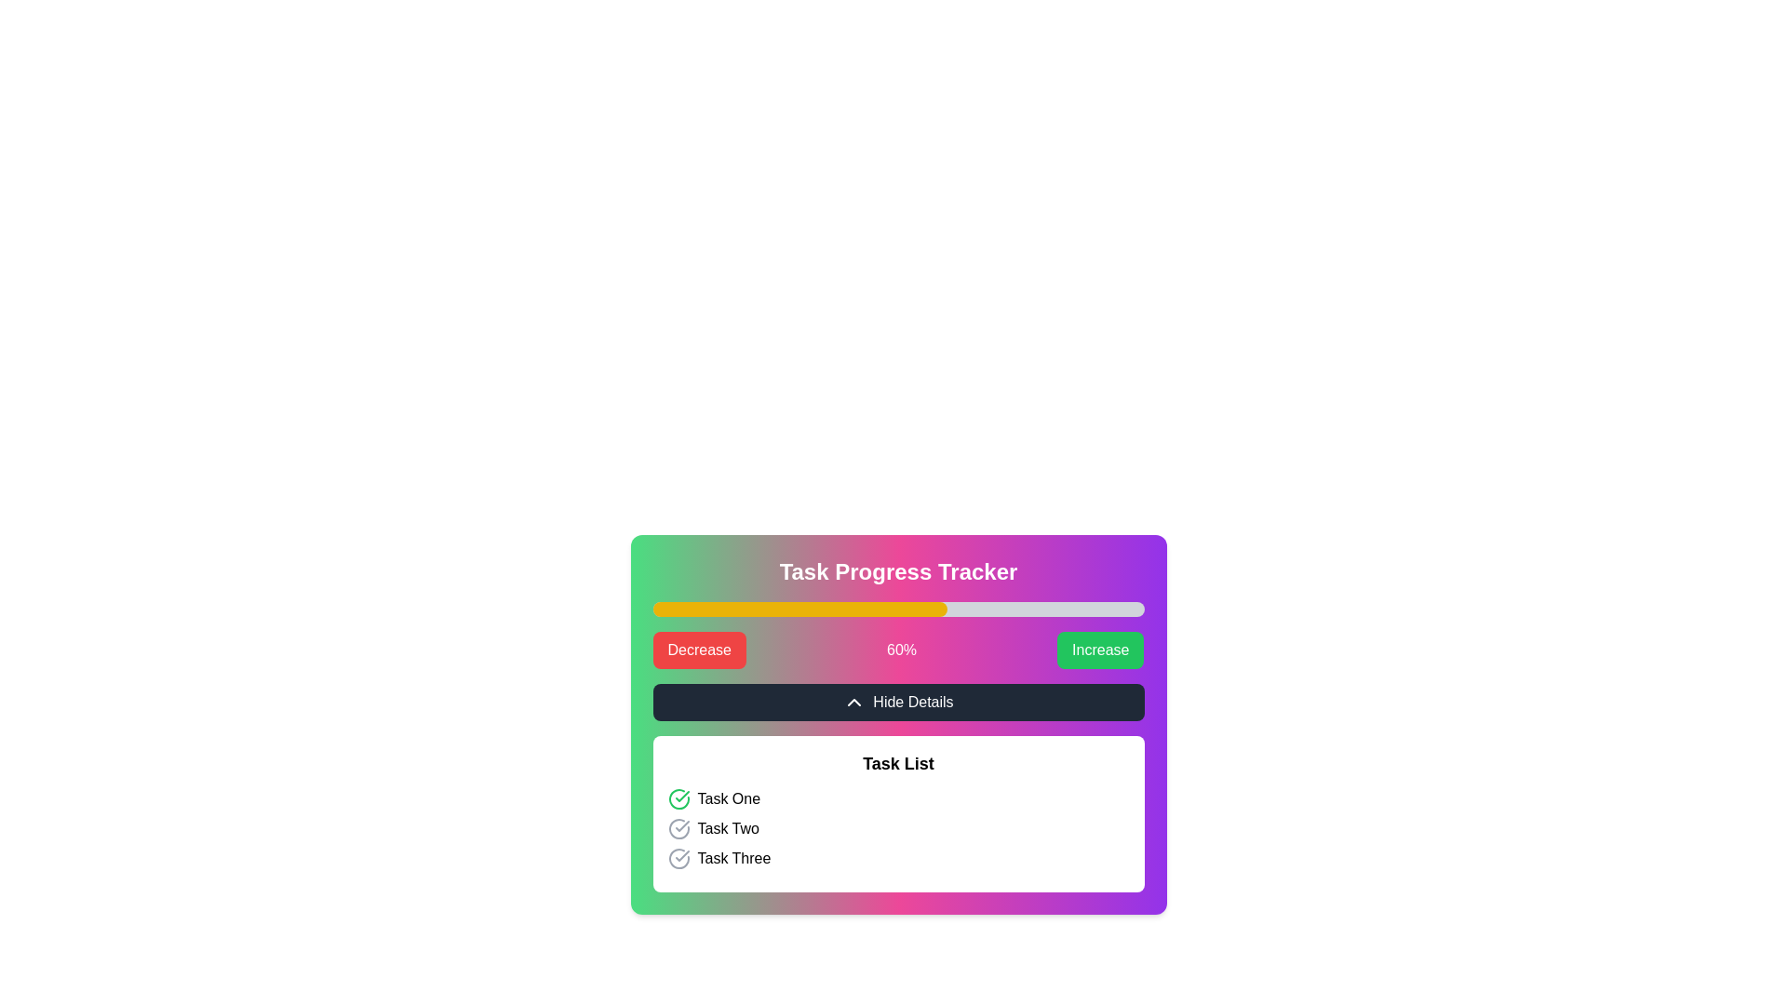 The image size is (1787, 1005). Describe the element at coordinates (727, 828) in the screenshot. I see `the 'Task Two' text label` at that location.